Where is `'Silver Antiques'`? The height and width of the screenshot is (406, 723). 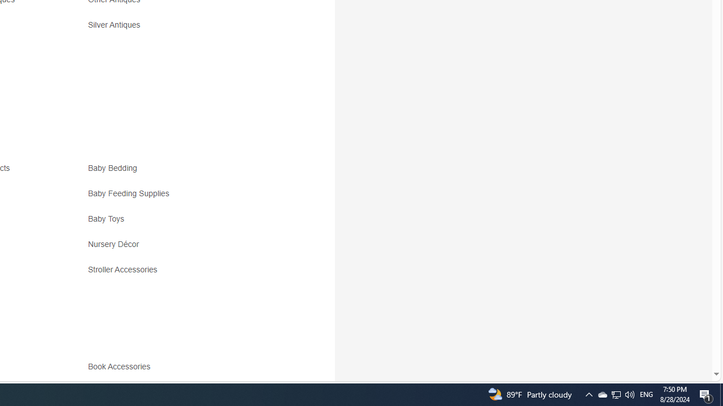
'Silver Antiques' is located at coordinates (188, 28).